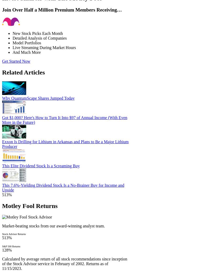 This screenshot has height=272, width=223. Describe the element at coordinates (53, 226) in the screenshot. I see `'Market-beating stocks from our award-winning analyst team.'` at that location.